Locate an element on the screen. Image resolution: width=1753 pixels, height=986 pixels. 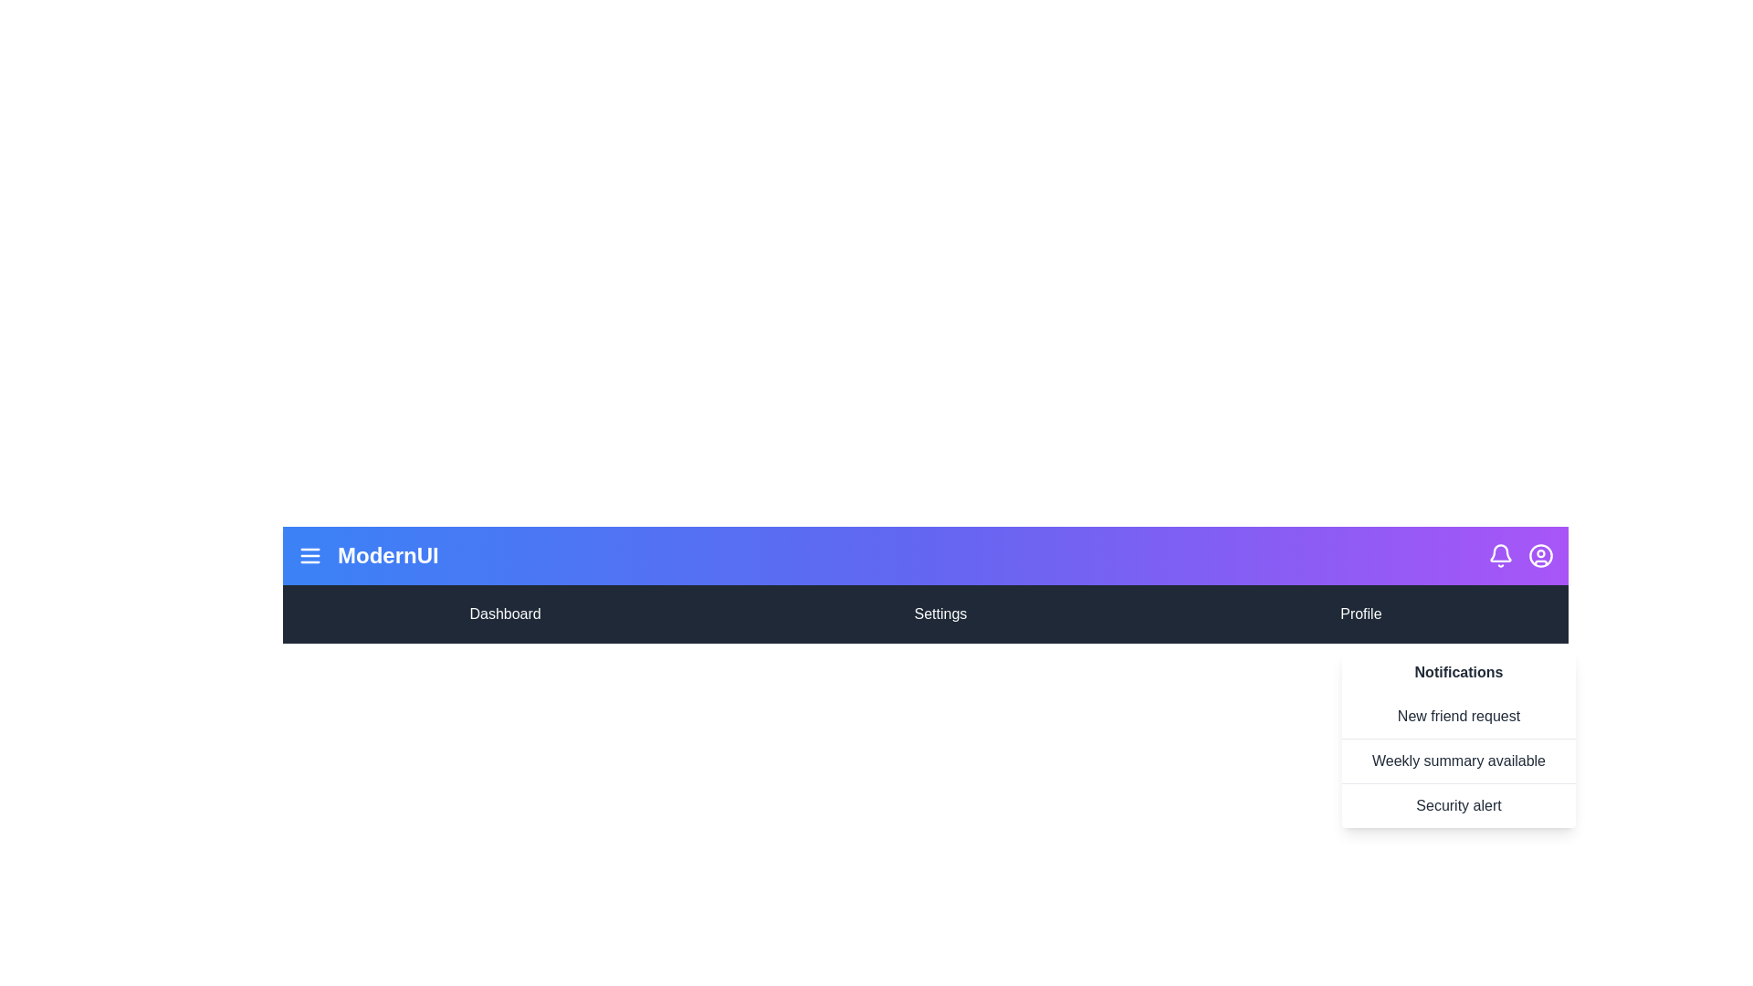
the app title to focus on it is located at coordinates (387, 555).